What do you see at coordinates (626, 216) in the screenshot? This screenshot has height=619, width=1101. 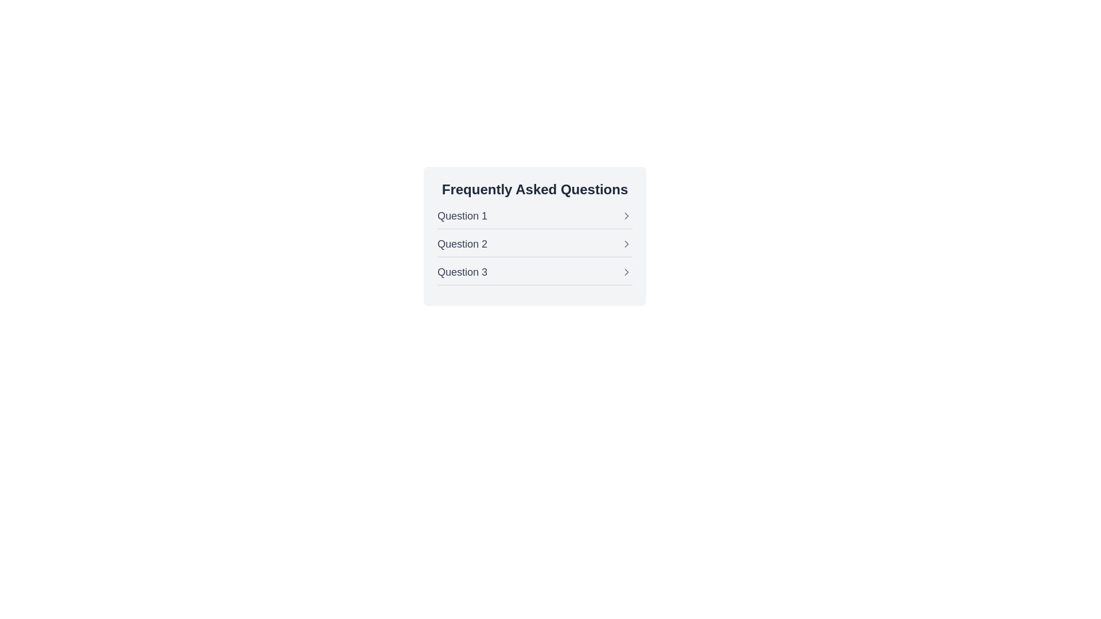 I see `the arrow icon located to the right of the 'Question 1' text in the Frequently Asked Questions section, which indicates further details or interaction` at bounding box center [626, 216].